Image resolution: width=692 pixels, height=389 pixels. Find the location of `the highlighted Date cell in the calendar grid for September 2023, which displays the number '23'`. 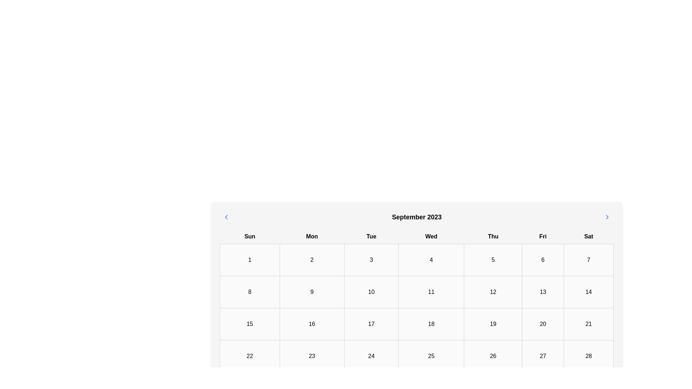

the highlighted Date cell in the calendar grid for September 2023, which displays the number '23' is located at coordinates (312, 356).